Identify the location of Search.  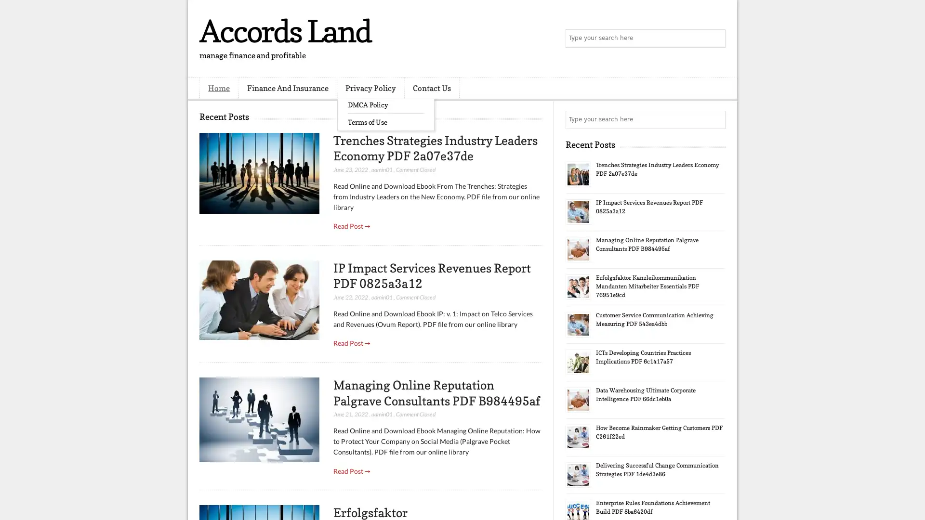
(715, 39).